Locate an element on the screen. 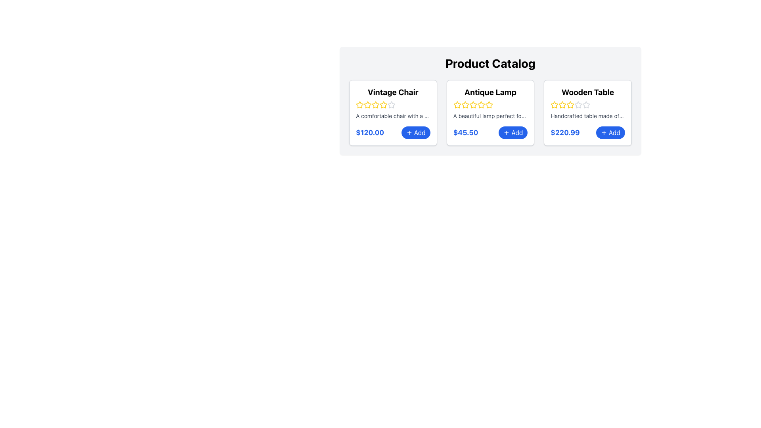  the fifth rating star icon for the product 'Antique Lamp', which is part of the rating system and indicates the highest rating point is located at coordinates (480, 105).